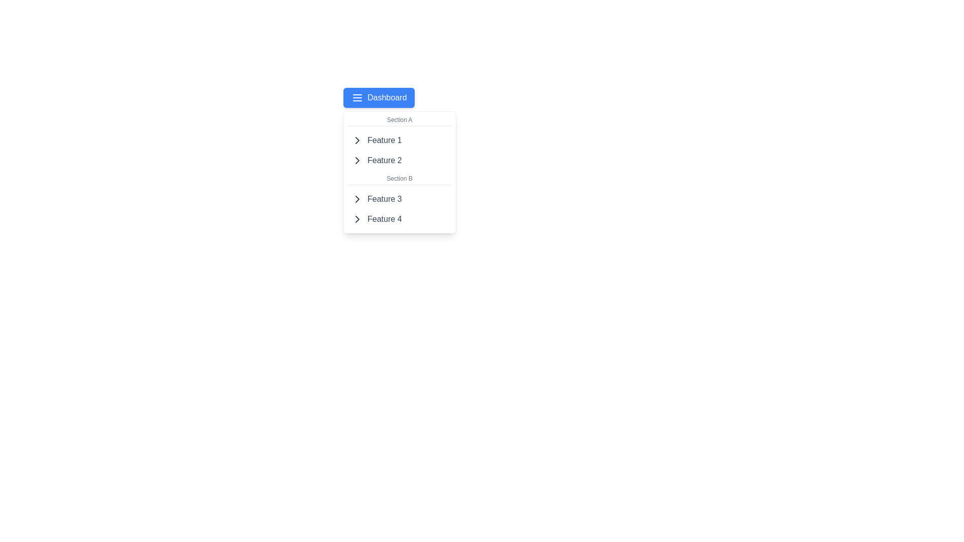  I want to click on the button labeled 'Feature 3' located in the vertical list under 'Section B', so click(399, 199).